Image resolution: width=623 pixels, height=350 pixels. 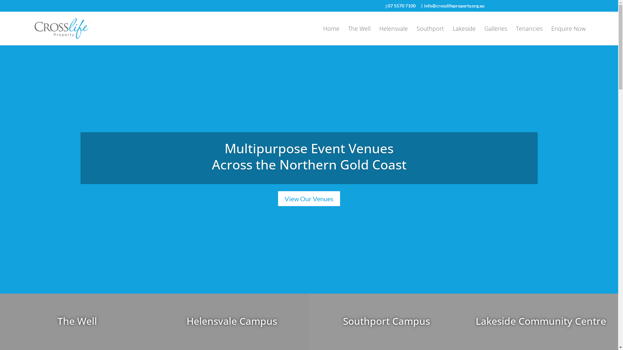 I want to click on 'Helensvale Campus', so click(x=232, y=321).